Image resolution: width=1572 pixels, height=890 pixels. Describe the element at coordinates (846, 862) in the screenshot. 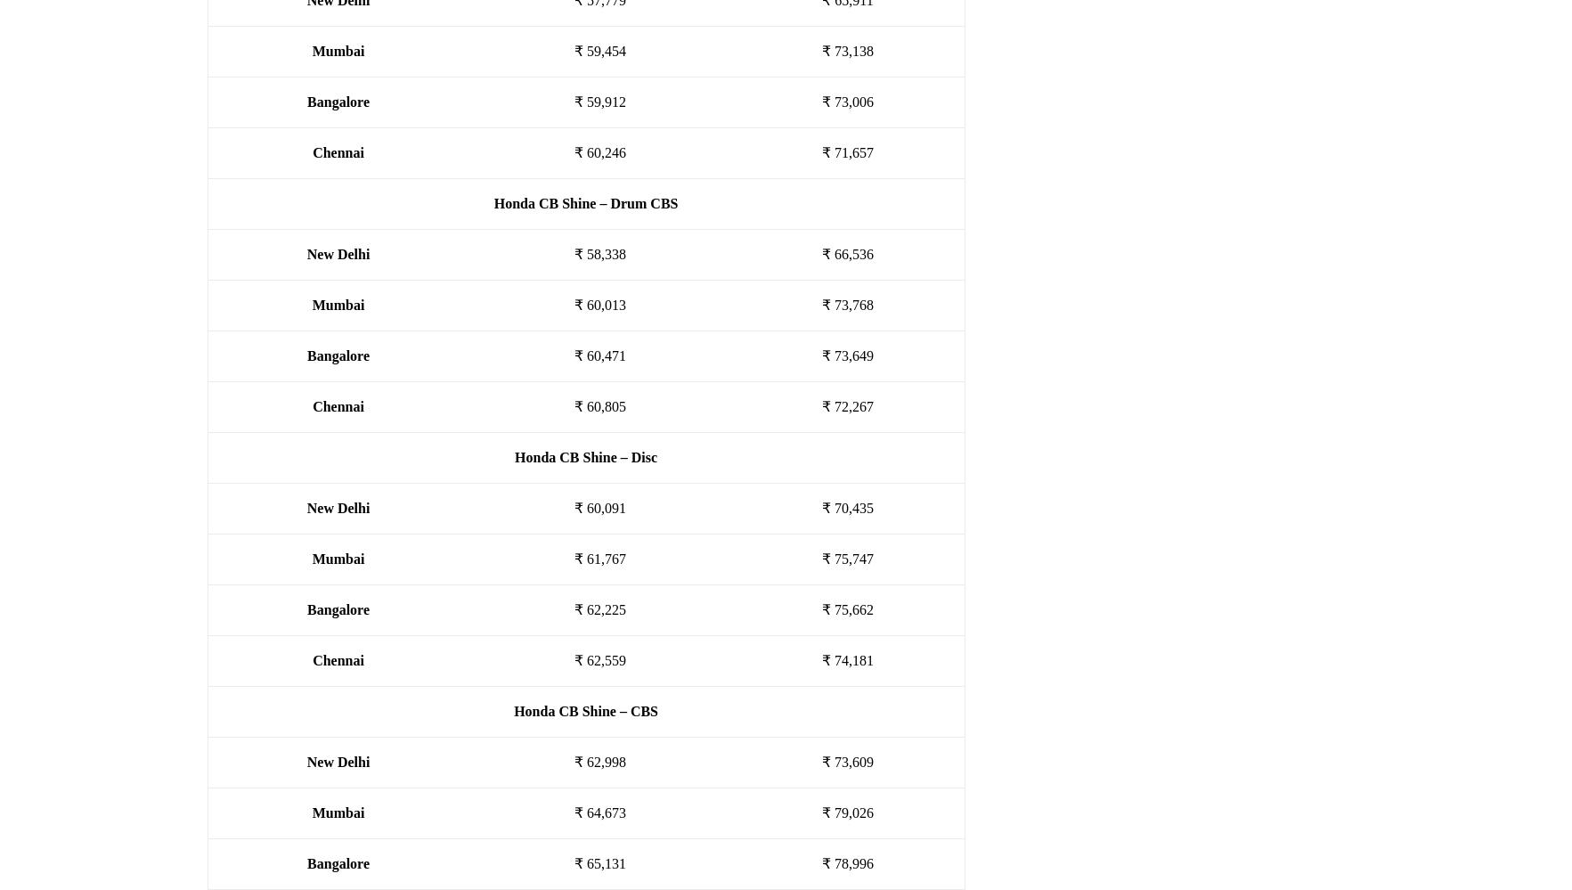

I see `'₹ 78,996'` at that location.